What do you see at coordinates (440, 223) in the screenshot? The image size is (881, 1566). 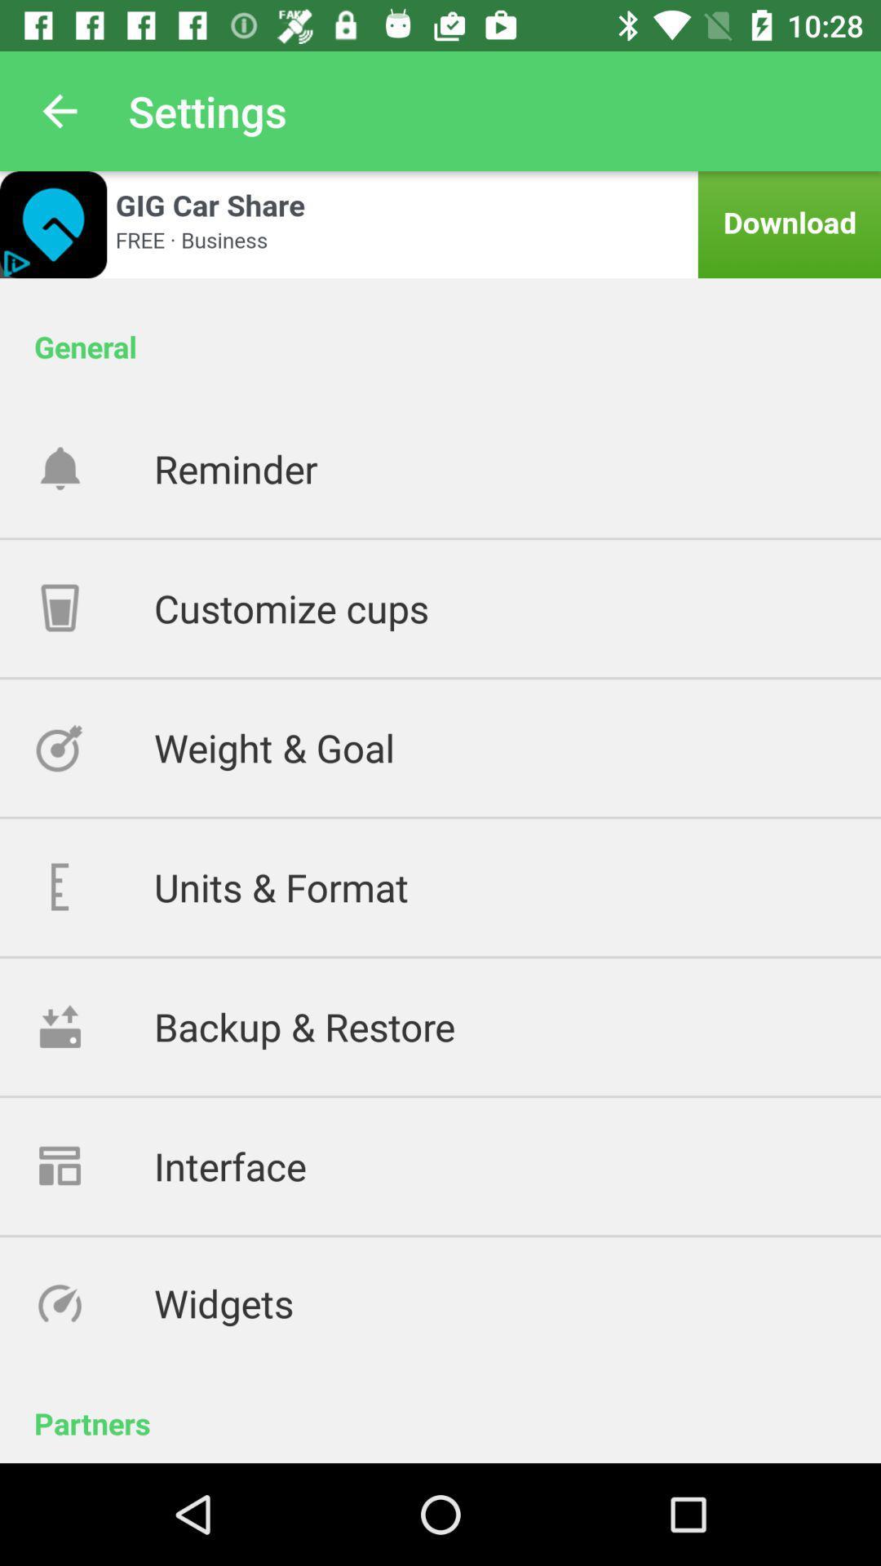 I see `icon at the top` at bounding box center [440, 223].